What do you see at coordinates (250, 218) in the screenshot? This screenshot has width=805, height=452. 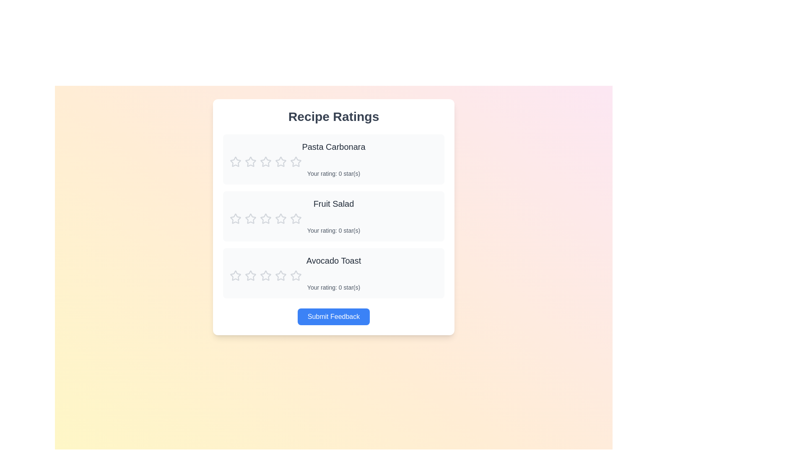 I see `the third star icon in the second row of the rating section for 'Fruit Salad'` at bounding box center [250, 218].